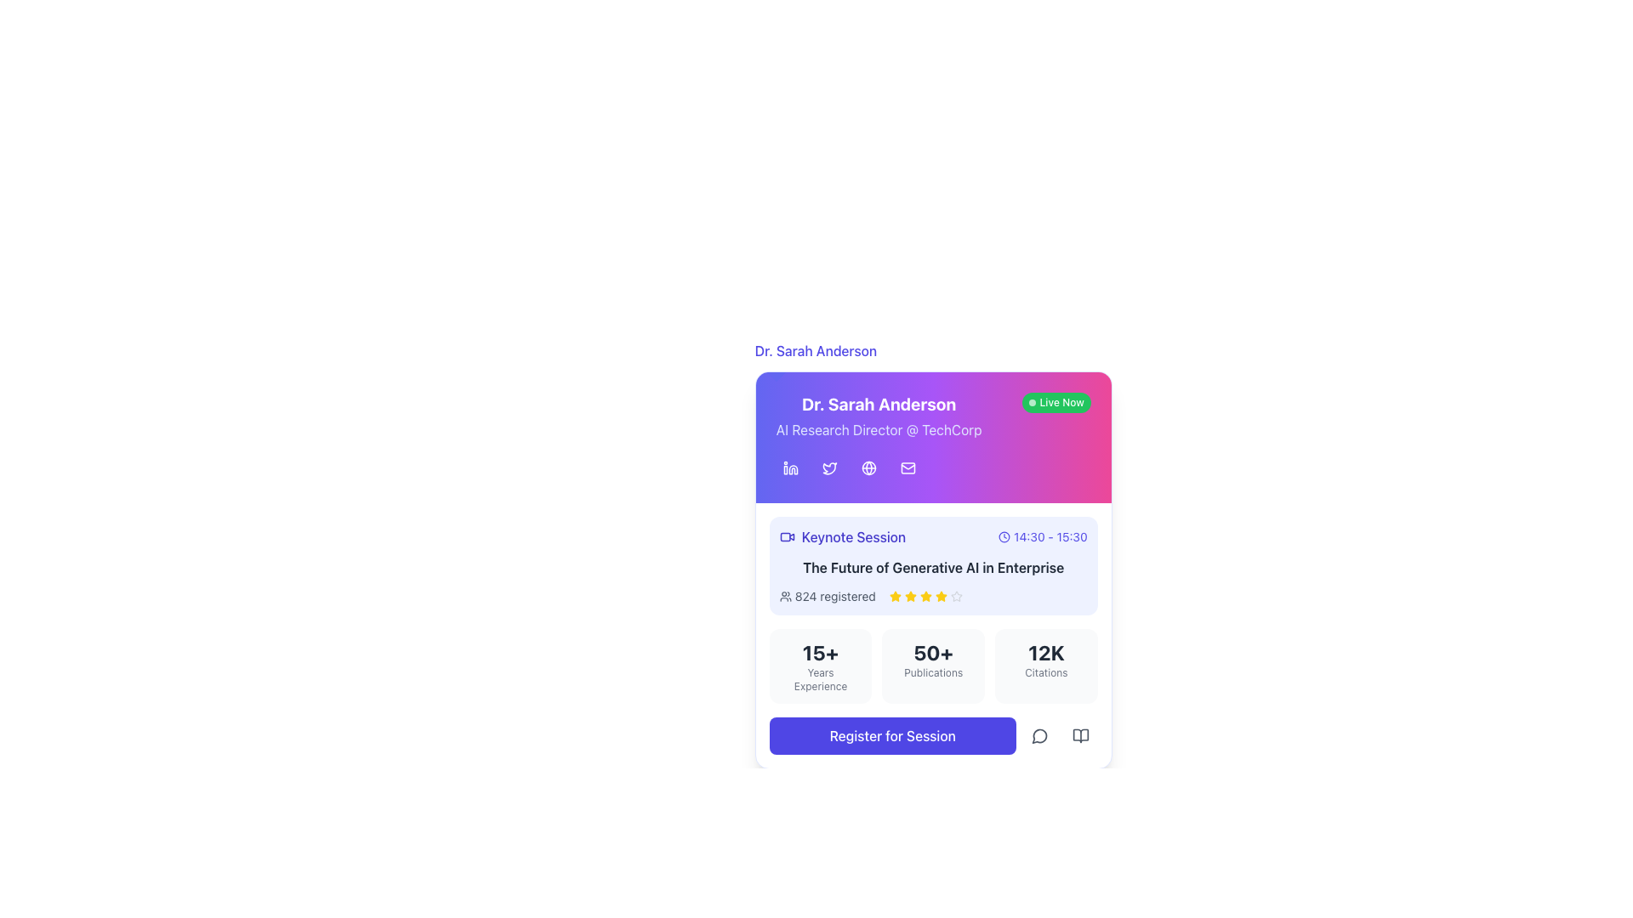  What do you see at coordinates (909, 595) in the screenshot?
I see `the third star icon representing a rating indicator in the session card titled 'The Future of Generative AI in Enterprise'` at bounding box center [909, 595].